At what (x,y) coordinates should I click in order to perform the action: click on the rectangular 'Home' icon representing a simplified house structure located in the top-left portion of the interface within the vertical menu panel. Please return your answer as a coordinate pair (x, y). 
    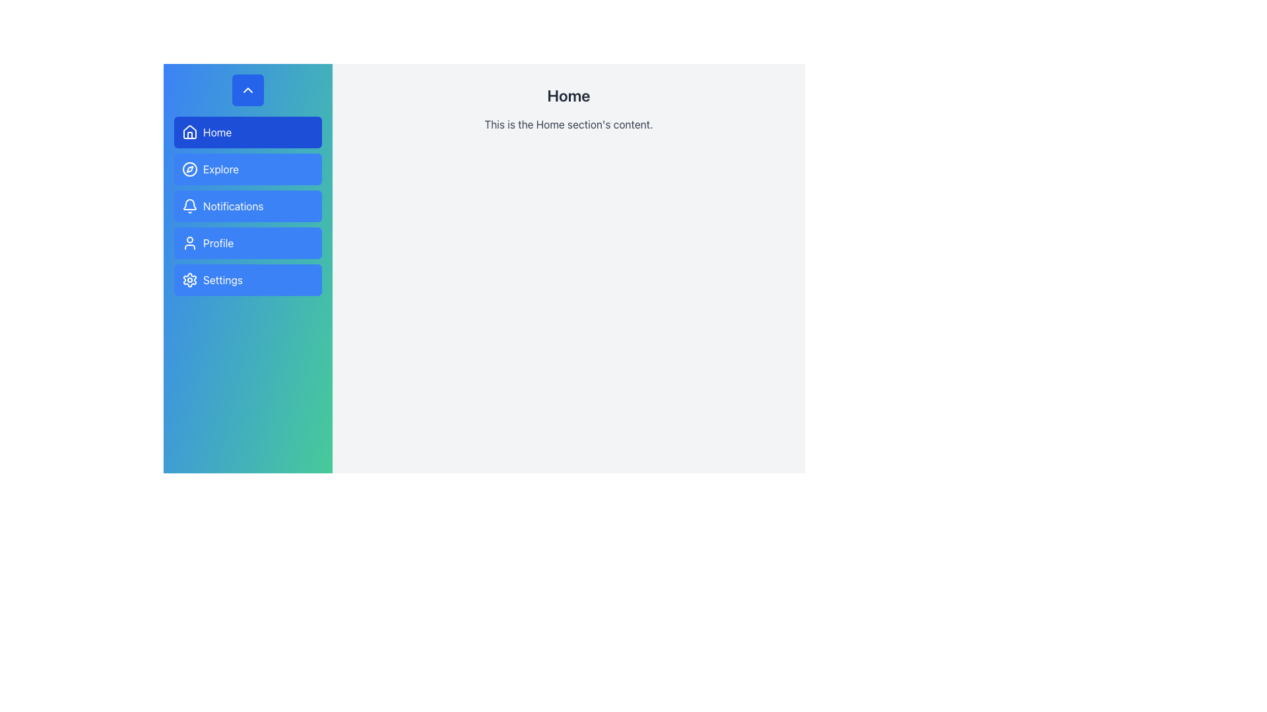
    Looking at the image, I should click on (189, 134).